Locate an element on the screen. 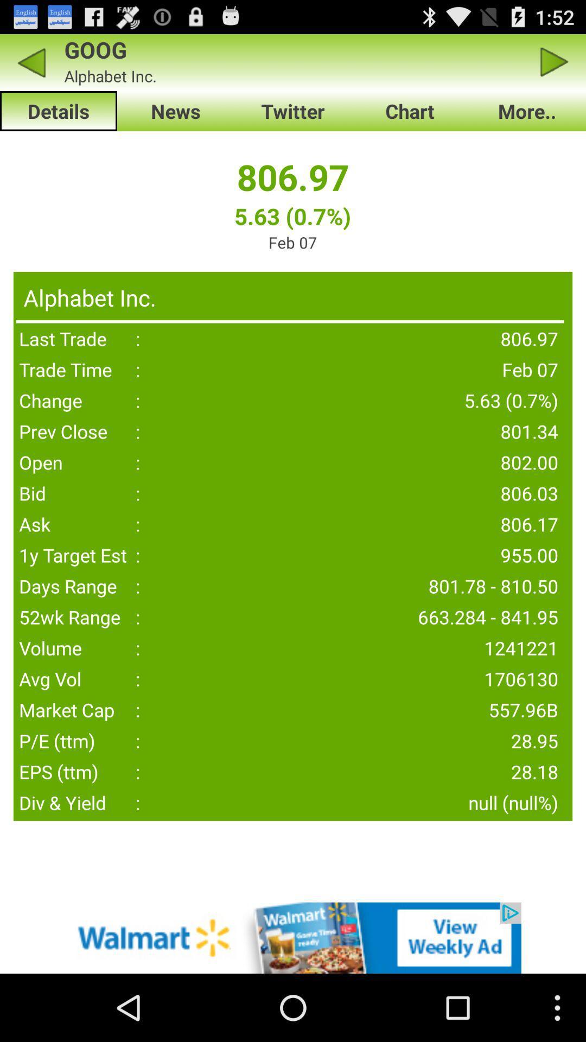 The height and width of the screenshot is (1042, 586). the play icon is located at coordinates (555, 66).